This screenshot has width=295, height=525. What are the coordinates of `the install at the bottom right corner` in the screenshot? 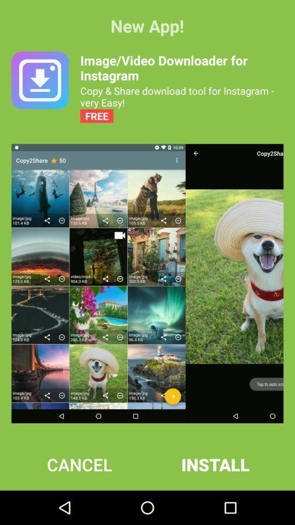 It's located at (215, 464).